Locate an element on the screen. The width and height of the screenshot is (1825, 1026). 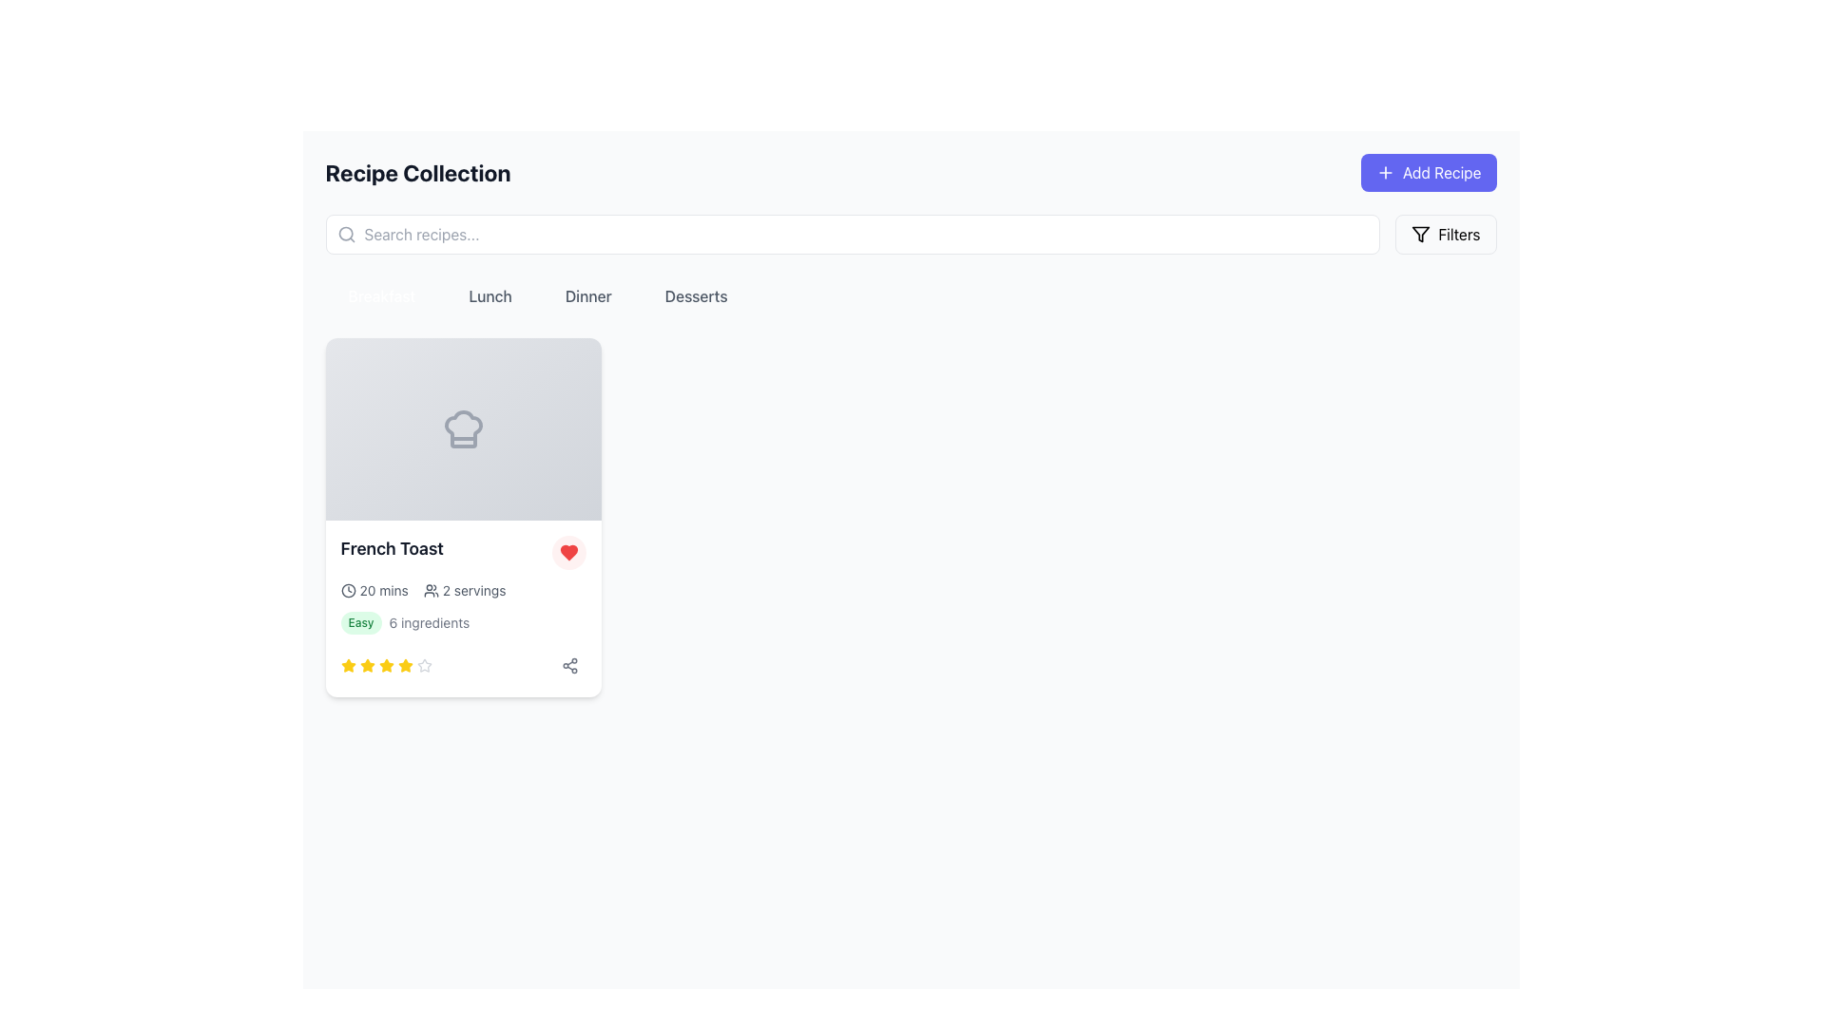
the informational icons that display the preparation time and serving information for the 'French Toast' recipe, located below the heading is located at coordinates (463, 589).